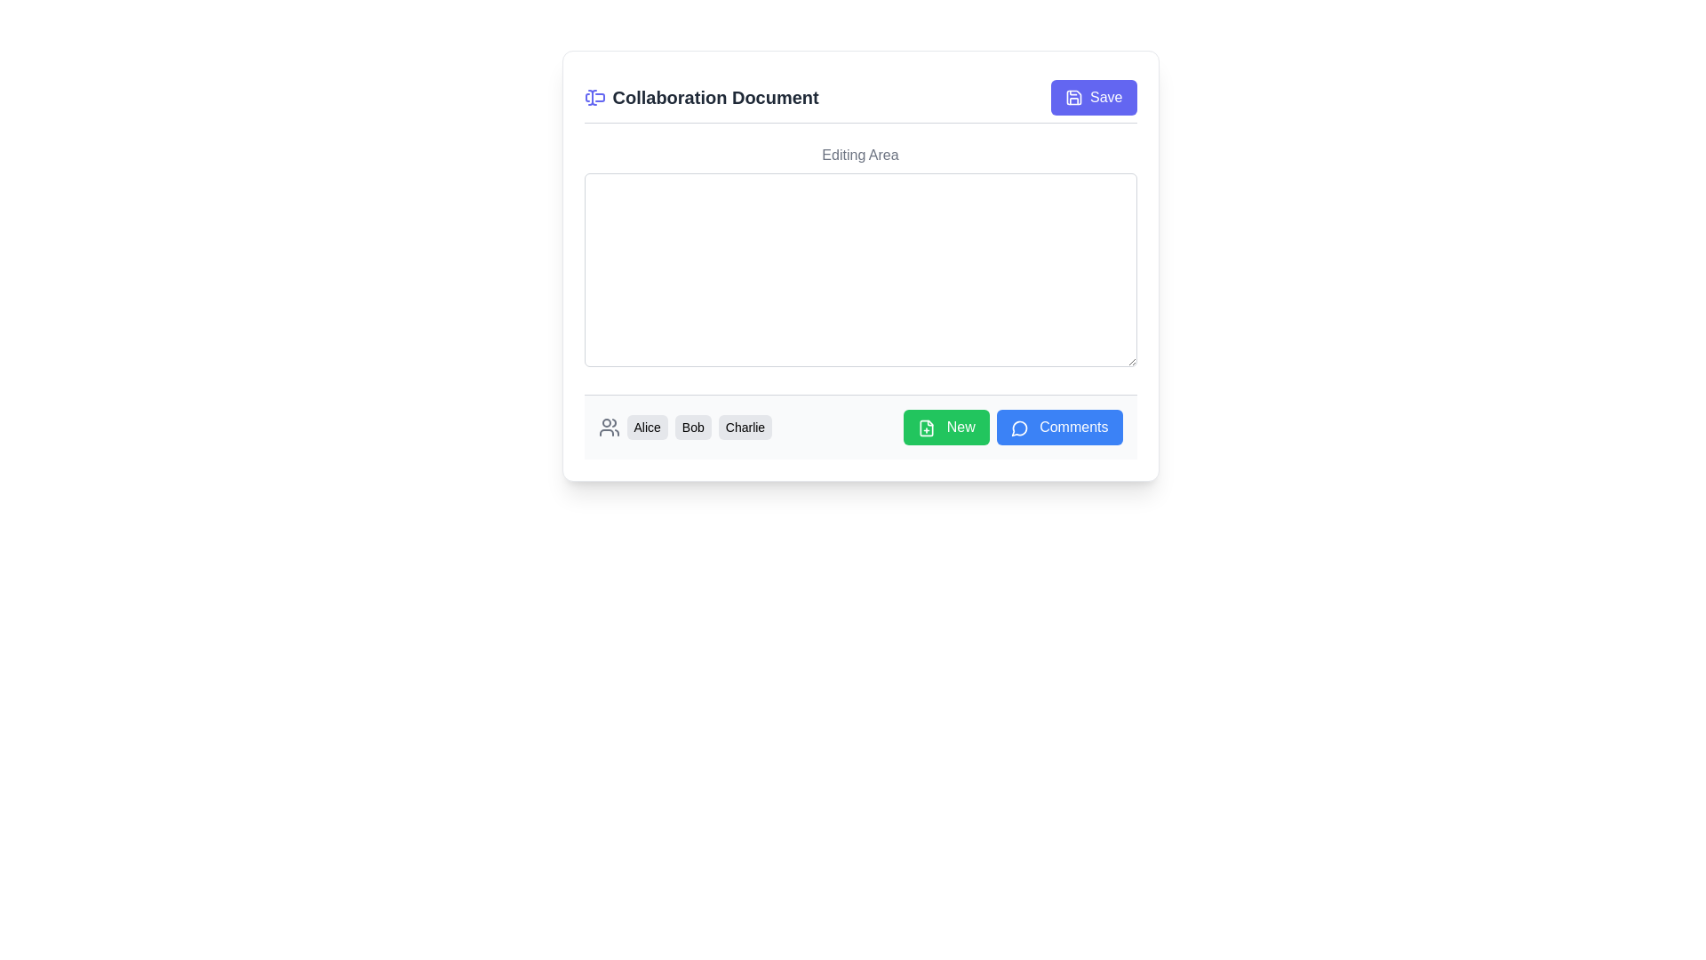  Describe the element at coordinates (745, 428) in the screenshot. I see `the text label element displaying 'Charlie', which is the rightmost button in a row of three buttons labeled 'Alice', 'Bob', and 'Charlie'` at that location.